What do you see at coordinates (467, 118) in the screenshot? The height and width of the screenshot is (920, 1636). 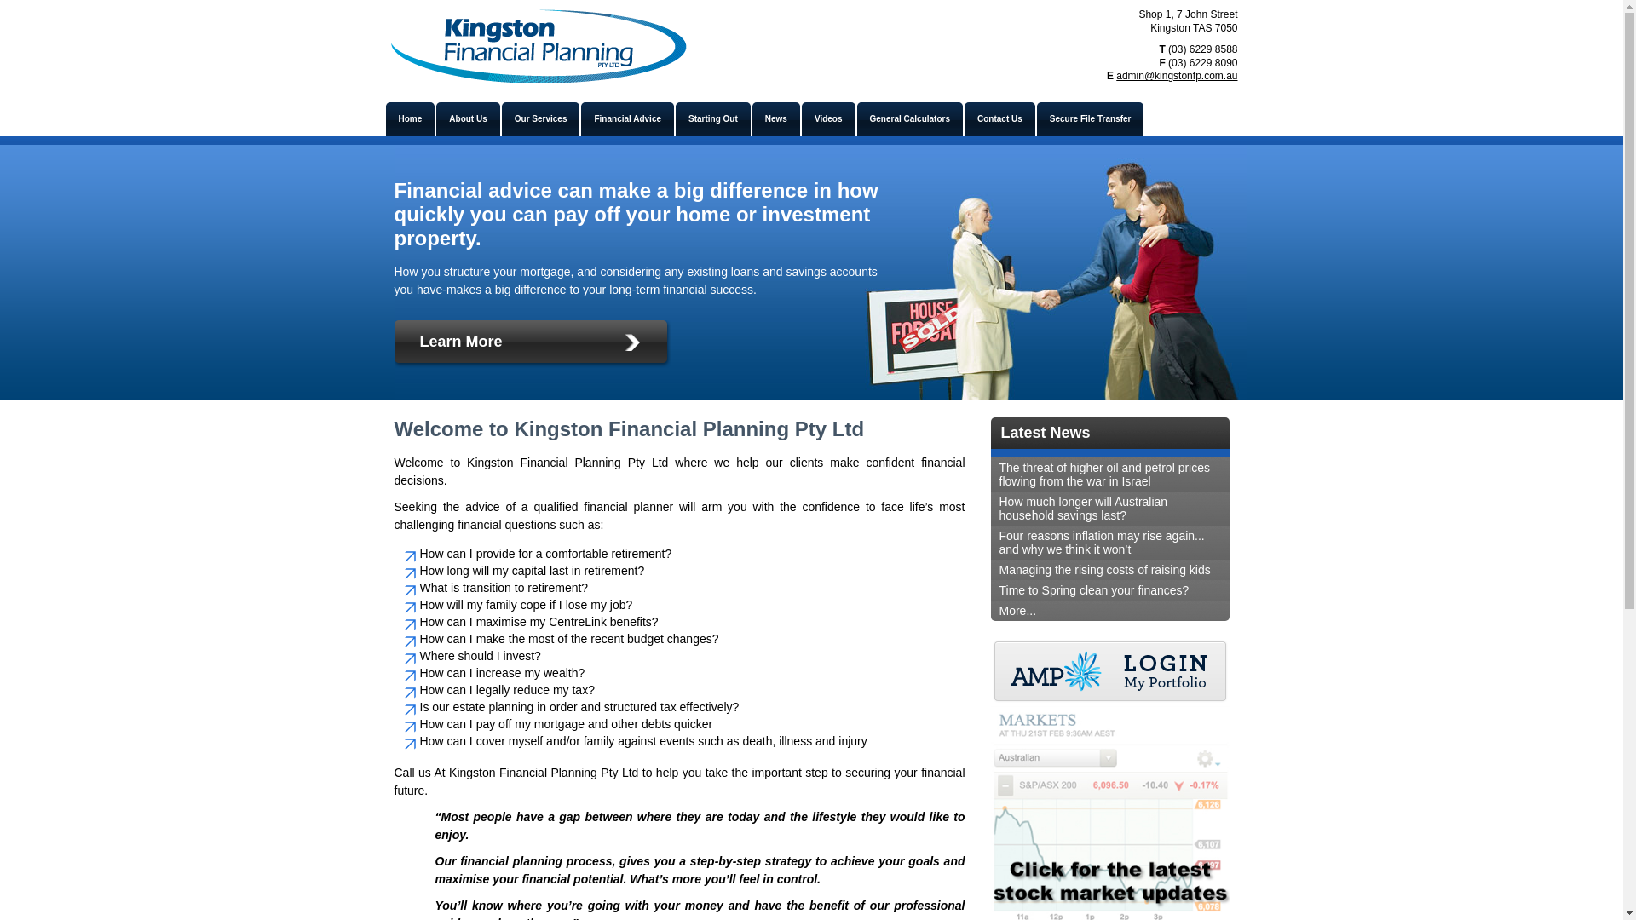 I see `'About Us'` at bounding box center [467, 118].